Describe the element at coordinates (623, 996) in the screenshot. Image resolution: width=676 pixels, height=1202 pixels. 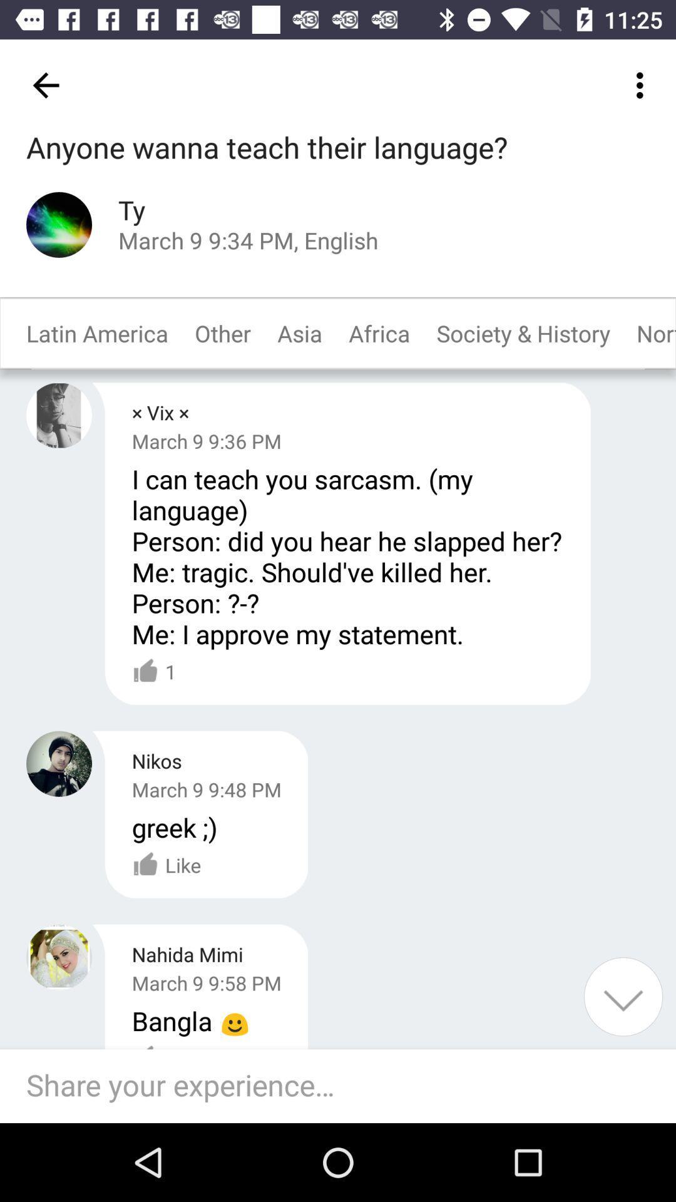
I see `your experience` at that location.